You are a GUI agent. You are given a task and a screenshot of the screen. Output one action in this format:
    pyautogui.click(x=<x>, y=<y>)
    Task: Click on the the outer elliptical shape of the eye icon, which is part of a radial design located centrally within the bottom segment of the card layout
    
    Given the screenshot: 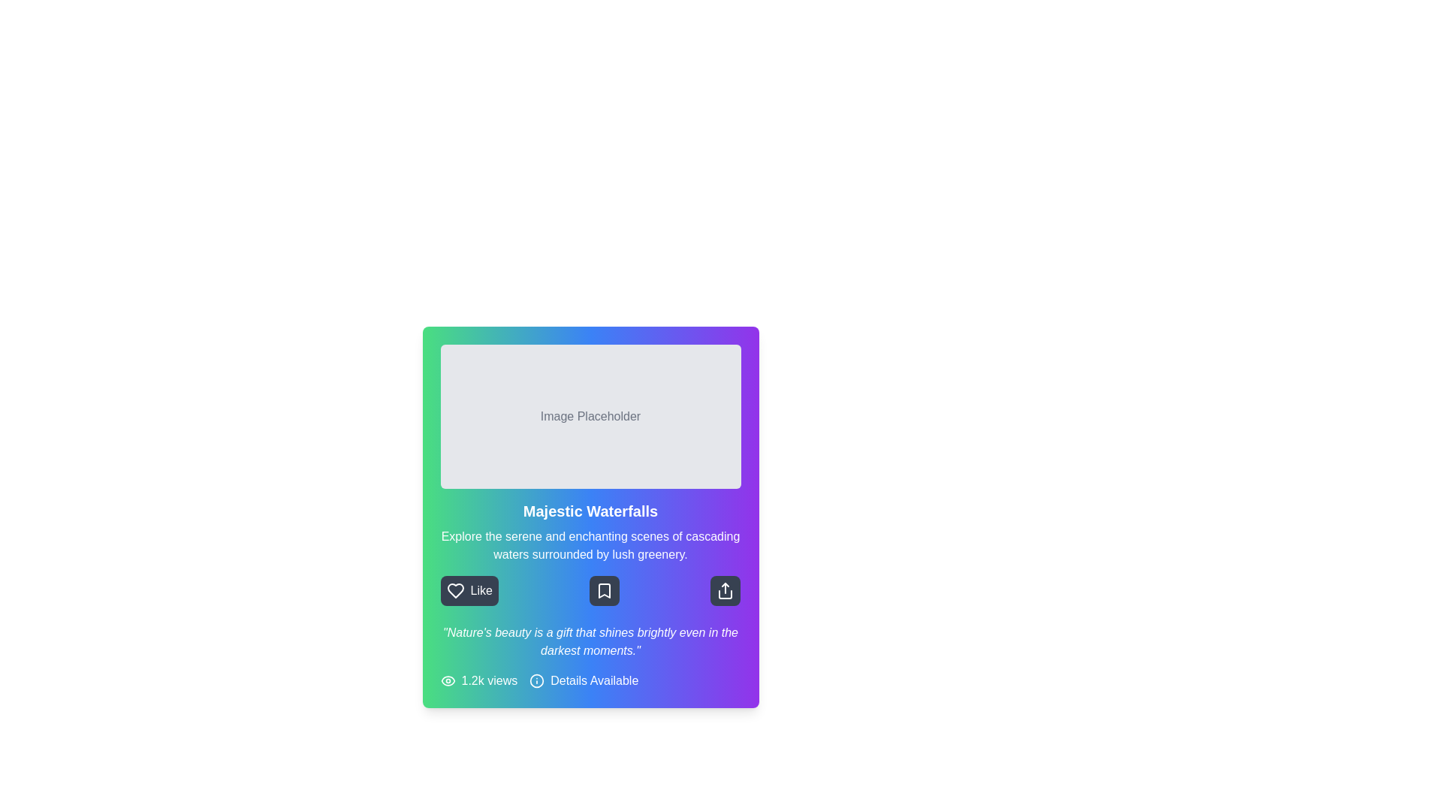 What is the action you would take?
    pyautogui.click(x=447, y=680)
    